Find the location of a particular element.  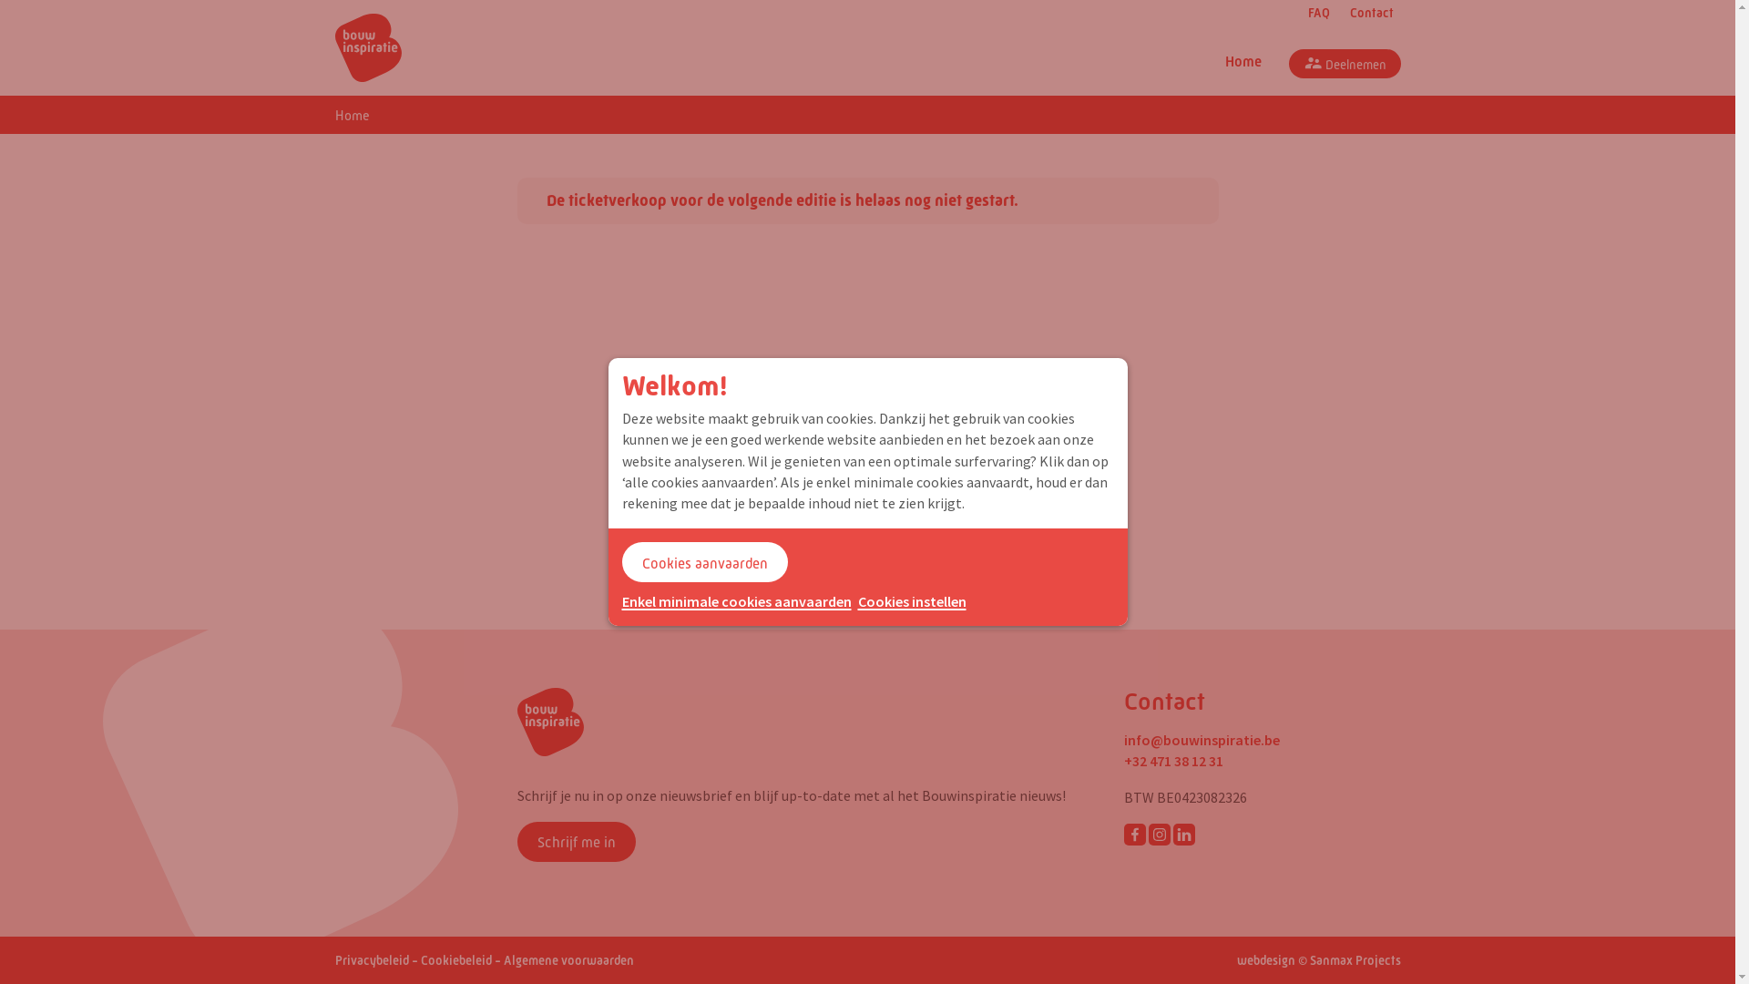

'FAQ' is located at coordinates (1315, 14).